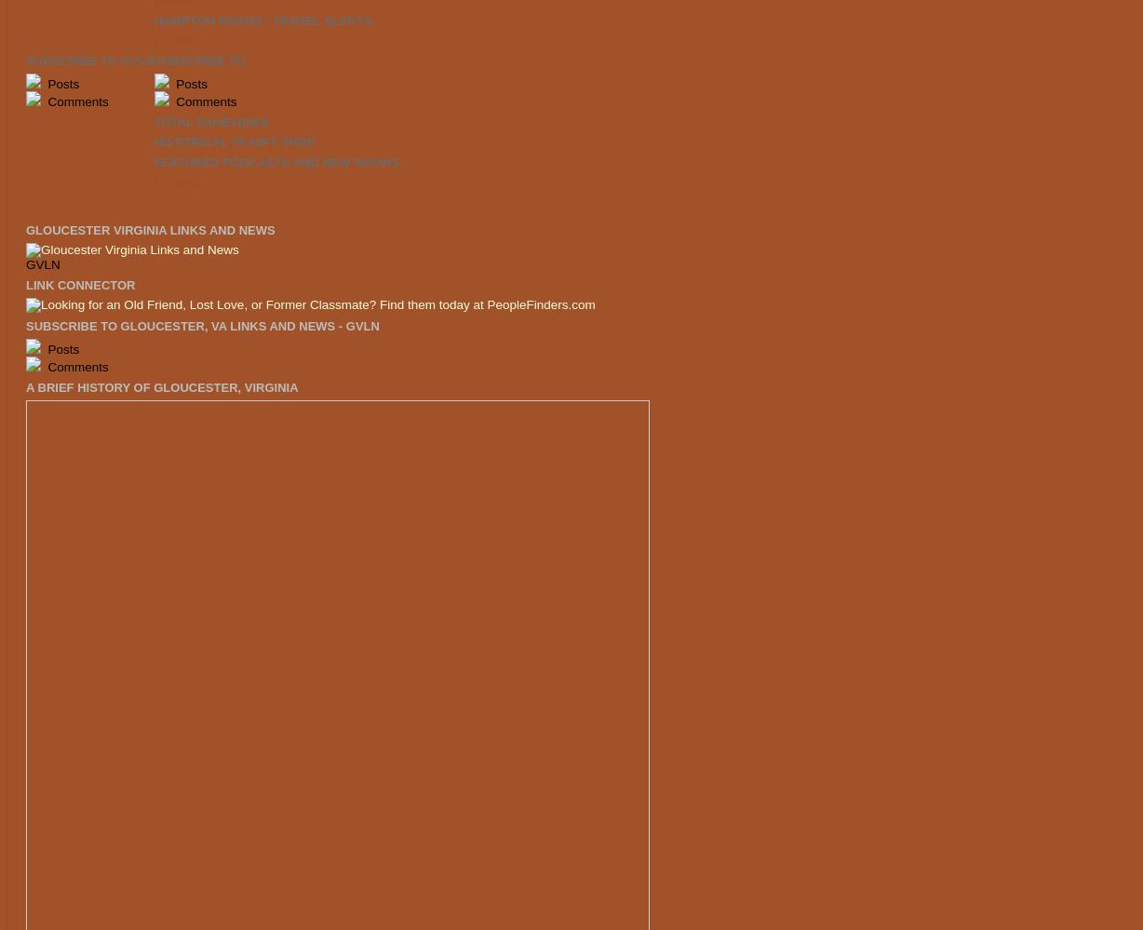  I want to click on 'Link Connector', so click(80, 283).